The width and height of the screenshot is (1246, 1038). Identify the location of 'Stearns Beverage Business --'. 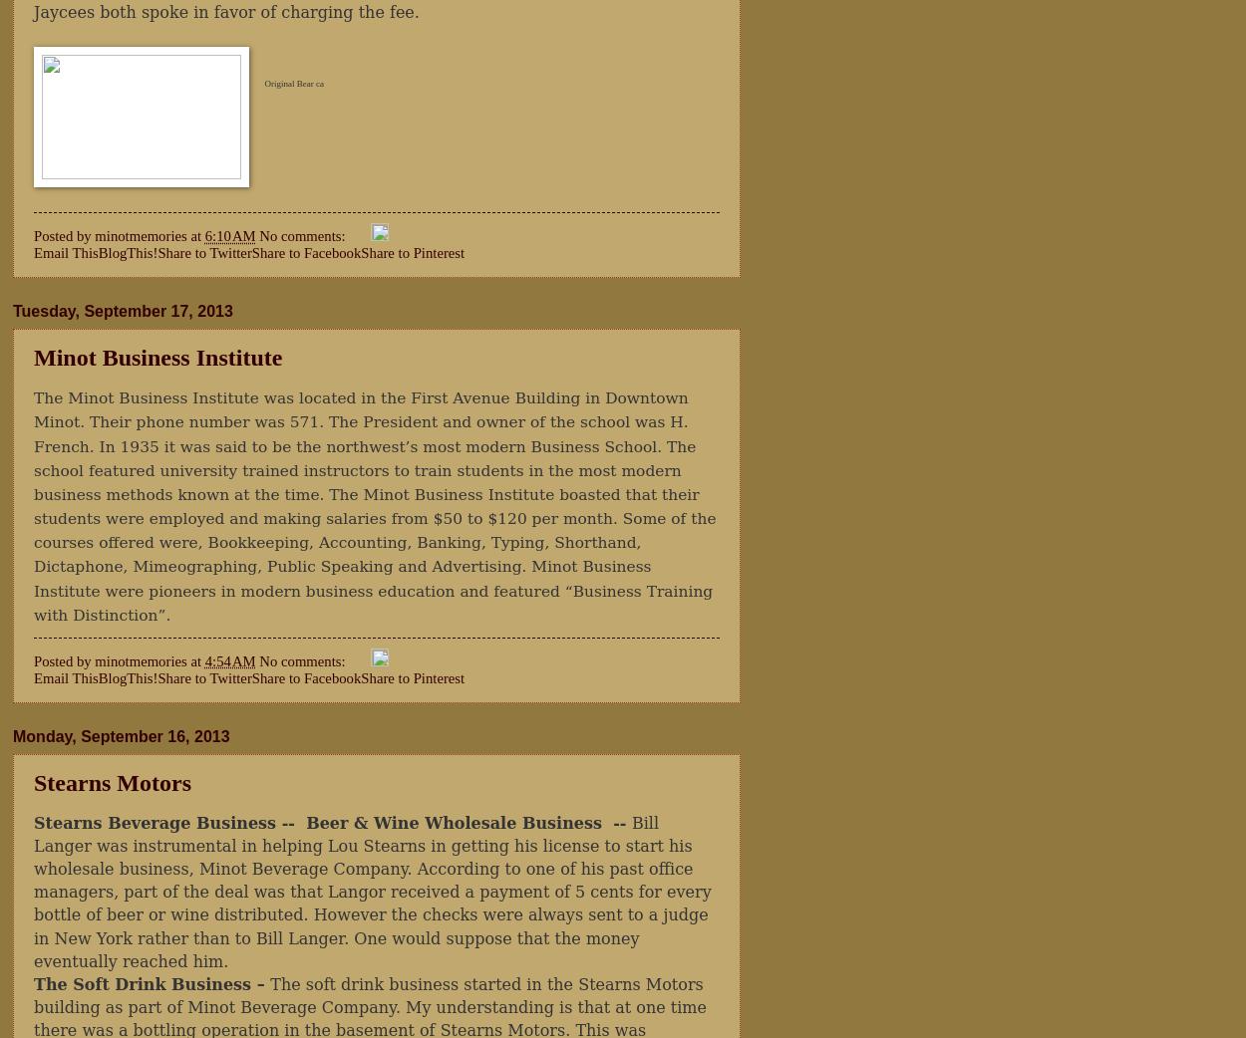
(166, 822).